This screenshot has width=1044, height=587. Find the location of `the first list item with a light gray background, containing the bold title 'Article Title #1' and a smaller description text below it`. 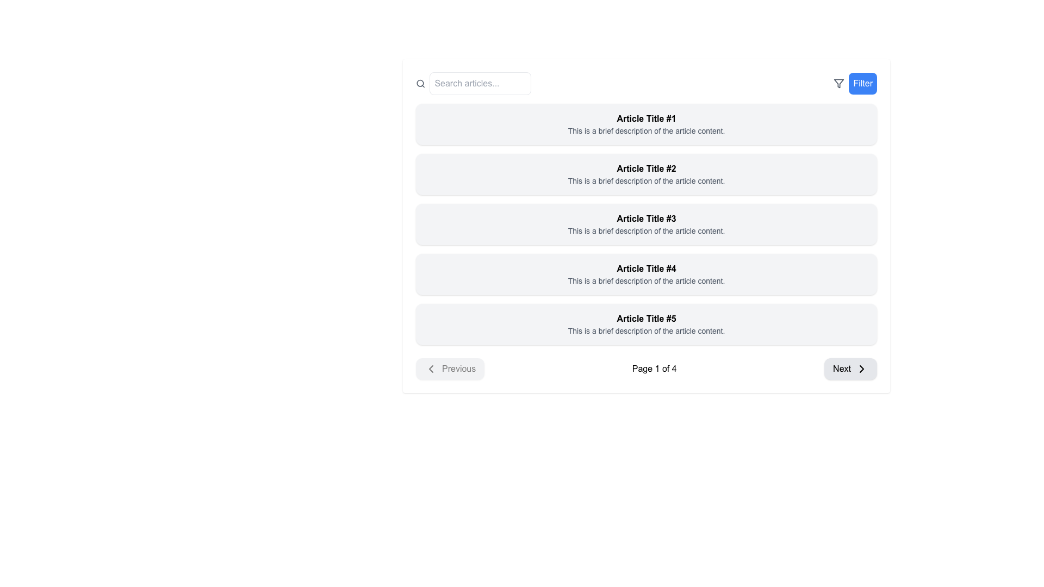

the first list item with a light gray background, containing the bold title 'Article Title #1' and a smaller description text below it is located at coordinates (647, 123).